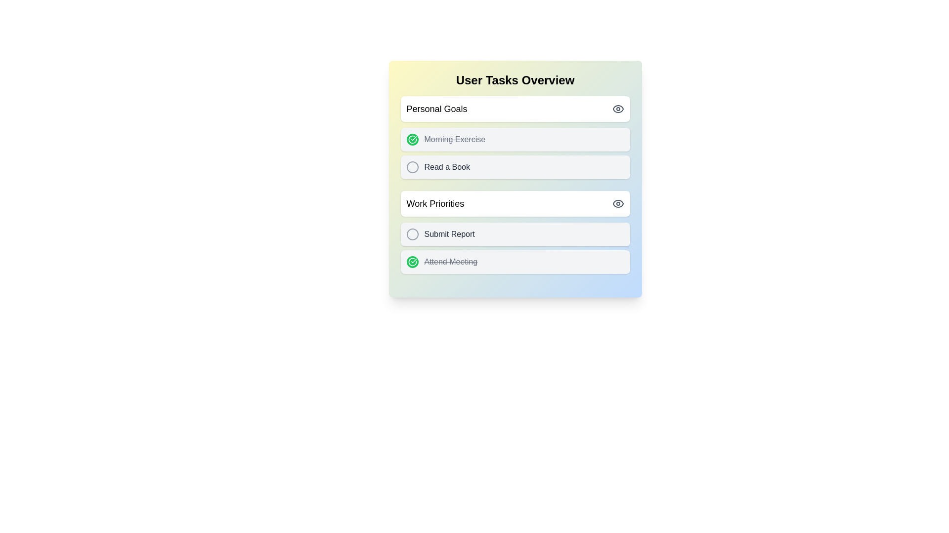 The image size is (949, 533). I want to click on the Icon button that marks the 'Attend Meeting' task as completed or active, located in the top-left corner of the 'Attend Meeting' task item under 'Work Priorities', so click(412, 262).